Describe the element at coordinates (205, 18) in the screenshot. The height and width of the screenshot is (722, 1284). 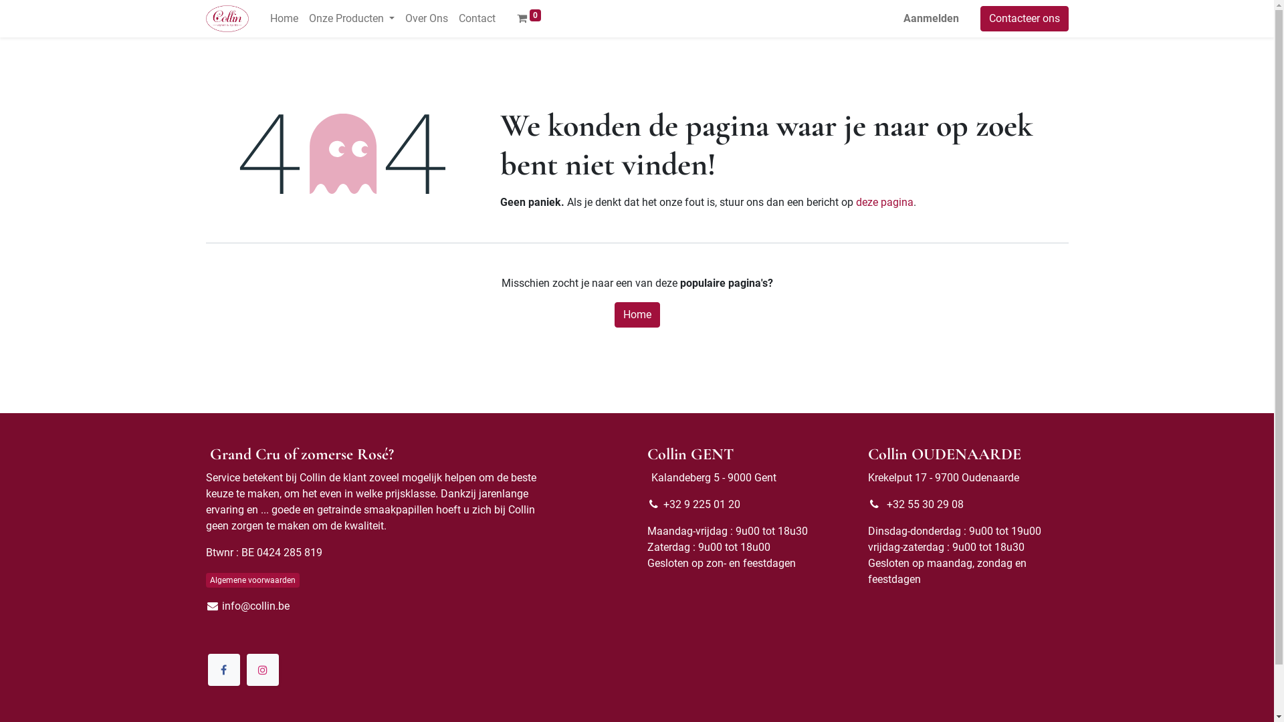
I see `'Collin Wijnen'` at that location.